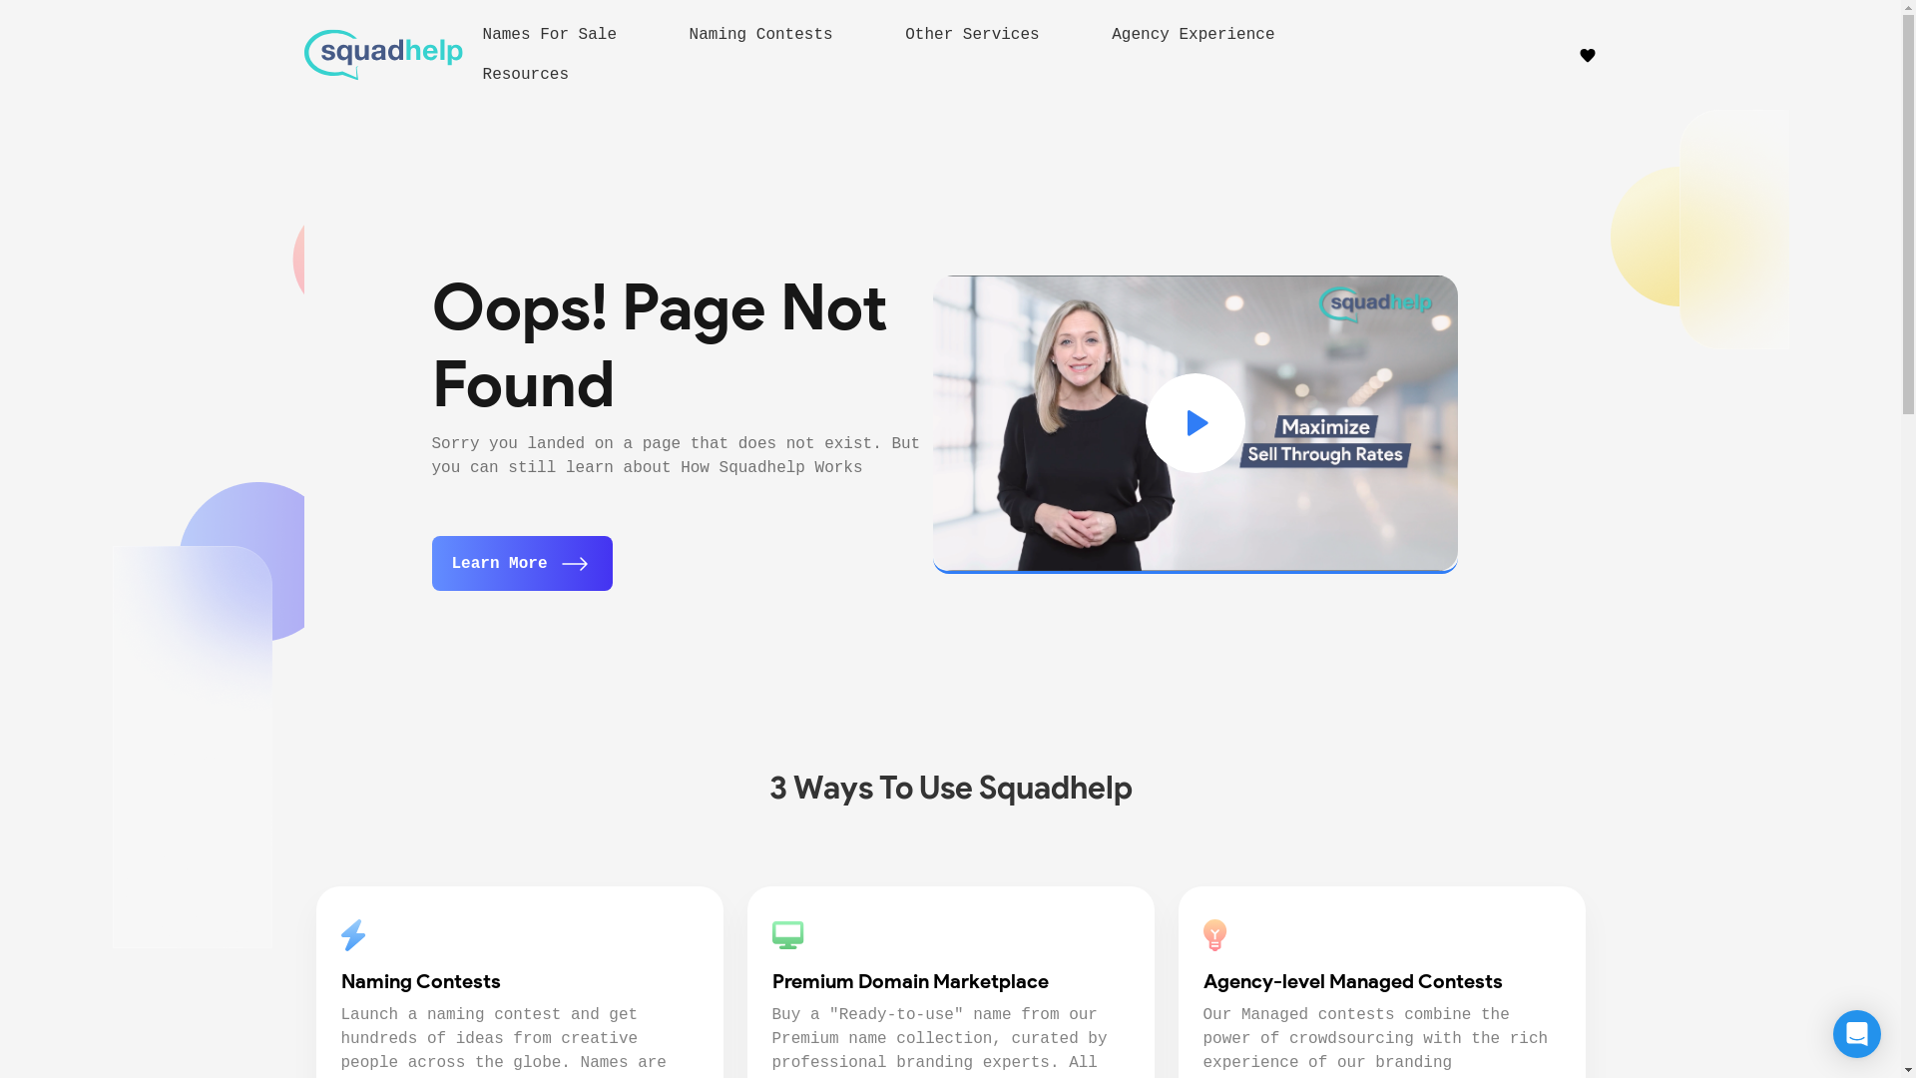  What do you see at coordinates (904, 34) in the screenshot?
I see `'Other Services'` at bounding box center [904, 34].